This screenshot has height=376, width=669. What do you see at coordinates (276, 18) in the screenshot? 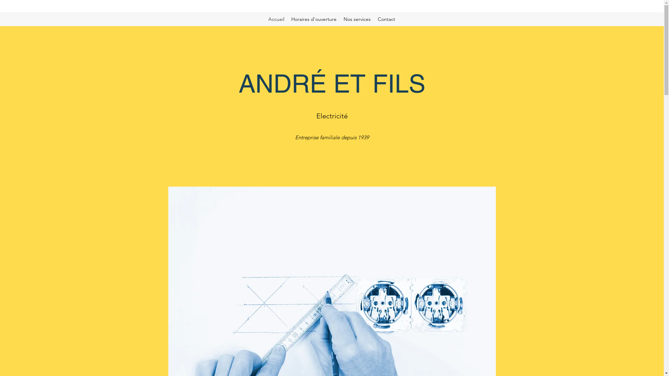
I see `'Accueil'` at bounding box center [276, 18].